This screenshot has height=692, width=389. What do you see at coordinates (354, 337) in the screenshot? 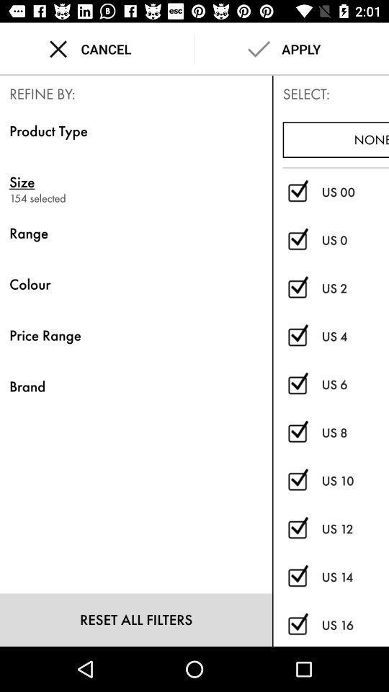
I see `the item below us 2` at bounding box center [354, 337].